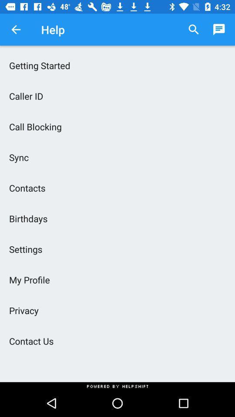  I want to click on sync item, so click(117, 157).